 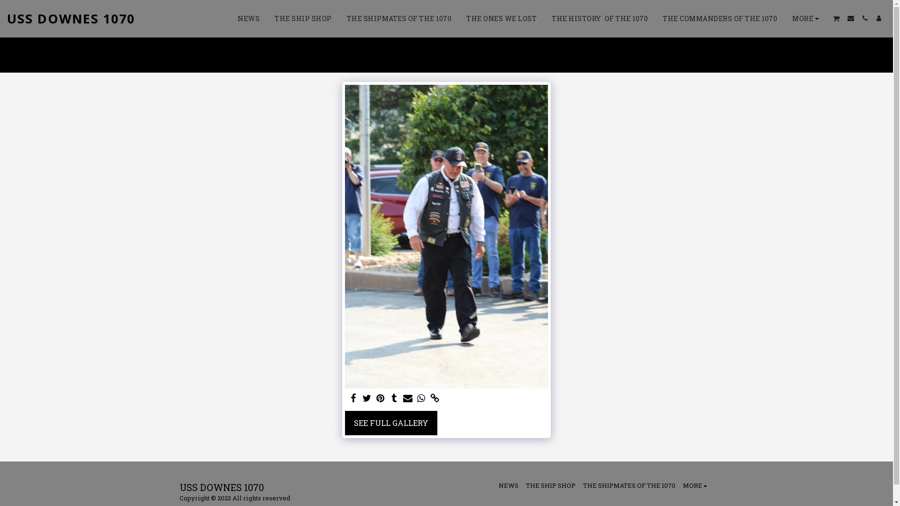 What do you see at coordinates (367, 399) in the screenshot?
I see `' '` at bounding box center [367, 399].